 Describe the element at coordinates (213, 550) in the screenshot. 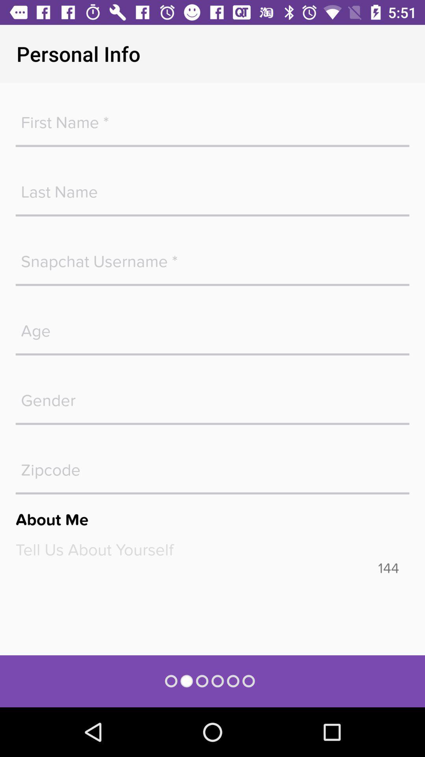

I see `text` at that location.